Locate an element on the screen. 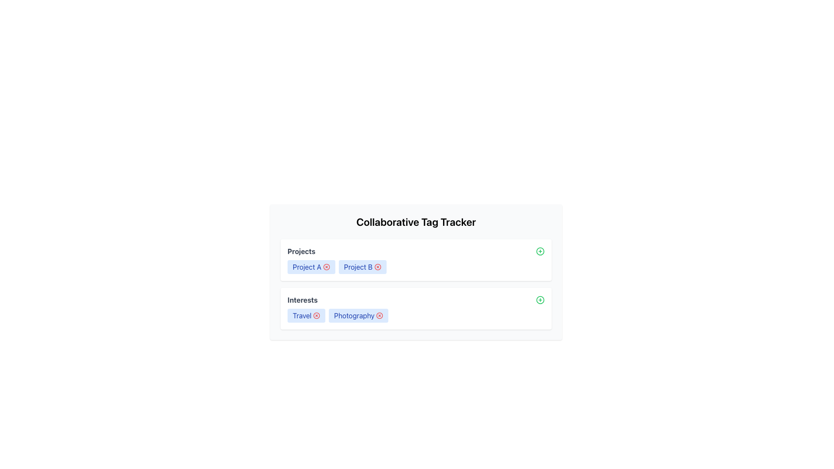 Image resolution: width=834 pixels, height=469 pixels. the circular green button with a cross icon located on the far right side of the 'Interests' section is located at coordinates (539, 299).